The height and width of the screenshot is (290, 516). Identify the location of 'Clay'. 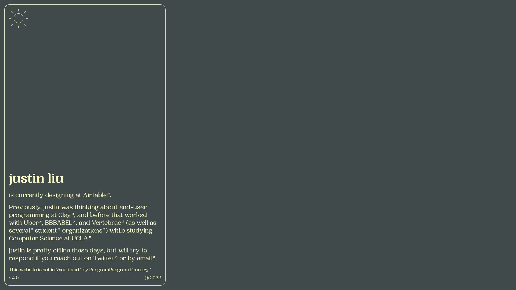
(66, 215).